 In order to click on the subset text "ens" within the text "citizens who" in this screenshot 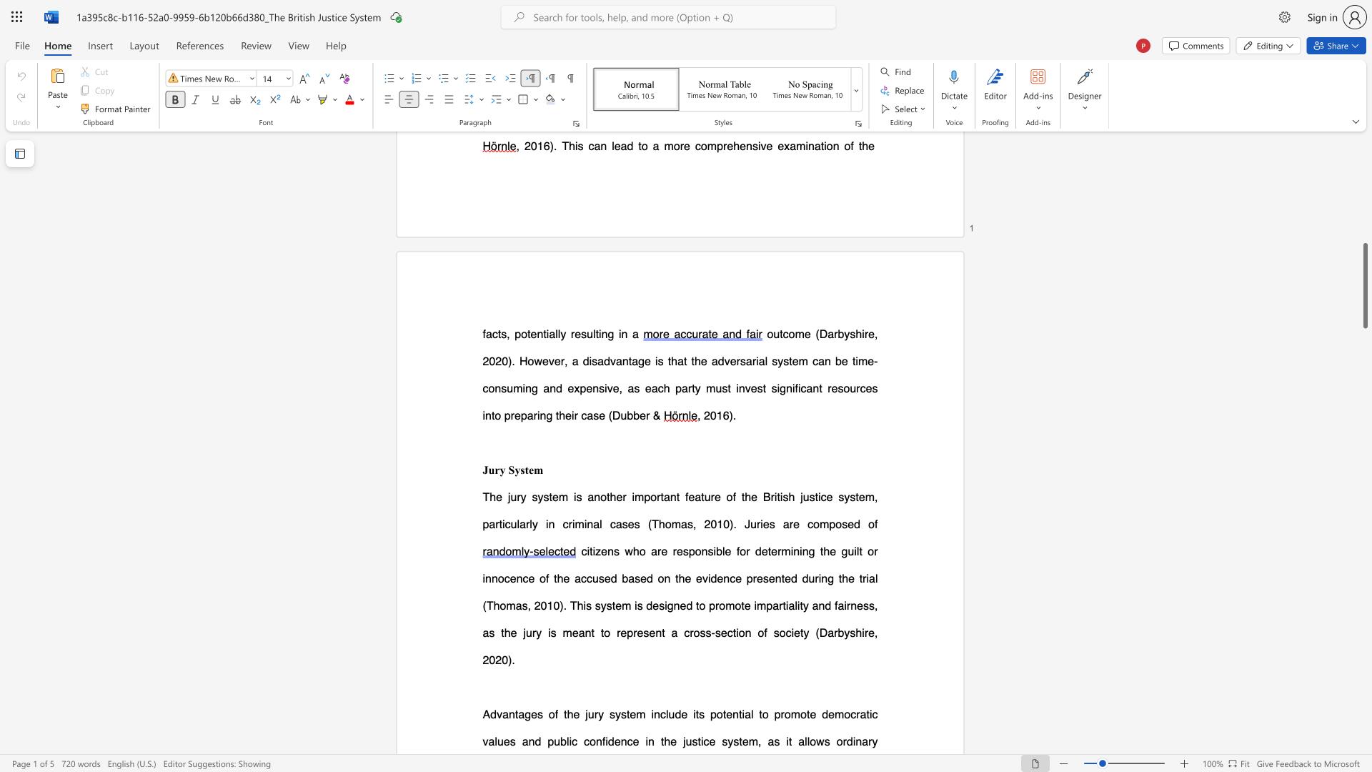, I will do `click(601, 550)`.